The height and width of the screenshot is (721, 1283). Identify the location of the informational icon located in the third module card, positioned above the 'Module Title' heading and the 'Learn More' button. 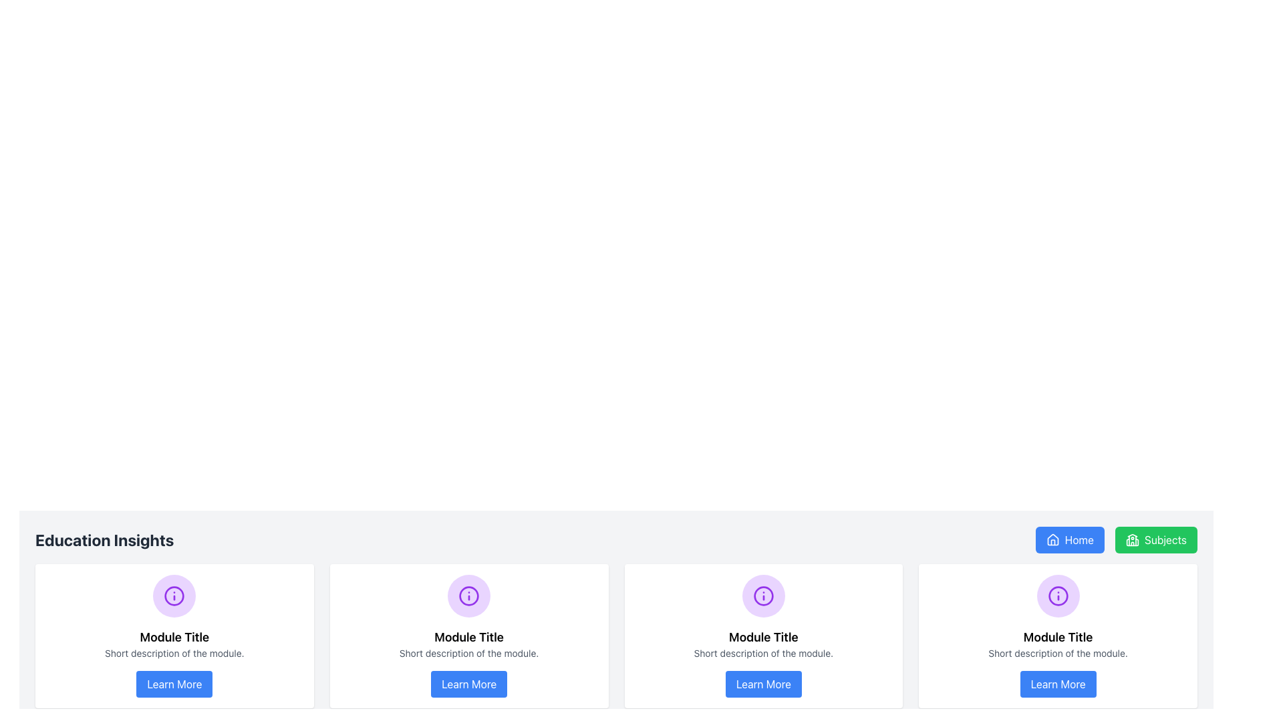
(763, 595).